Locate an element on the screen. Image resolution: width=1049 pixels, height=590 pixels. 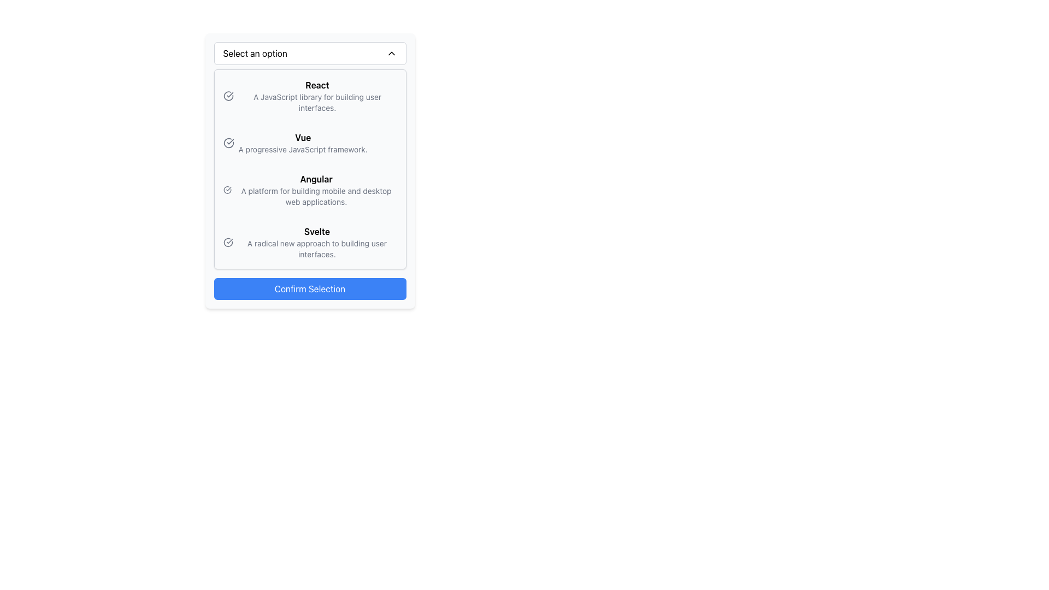
text label titled 'Svelte', which is the fourth entry in the list of JavaScript frameworks, positioned below 'Angular' and above its description is located at coordinates (316, 231).